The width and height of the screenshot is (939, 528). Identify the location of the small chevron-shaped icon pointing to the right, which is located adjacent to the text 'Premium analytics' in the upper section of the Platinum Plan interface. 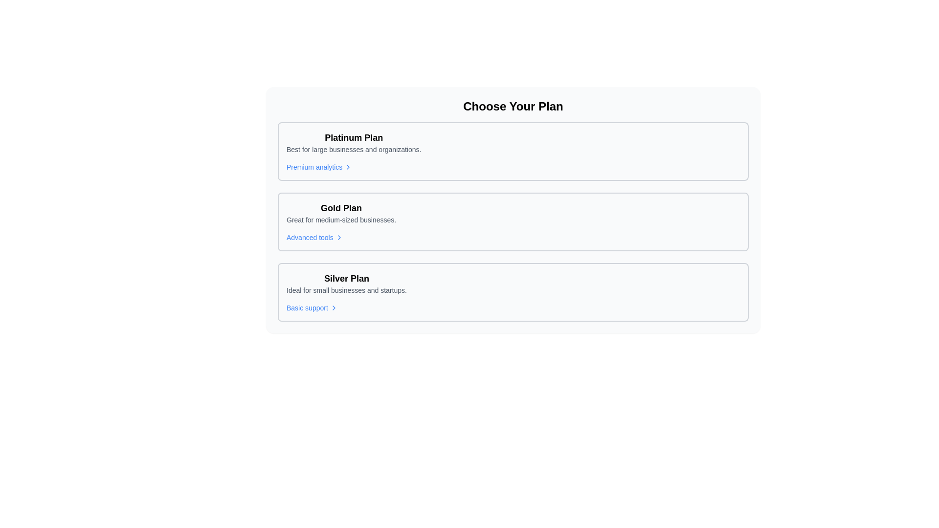
(348, 167).